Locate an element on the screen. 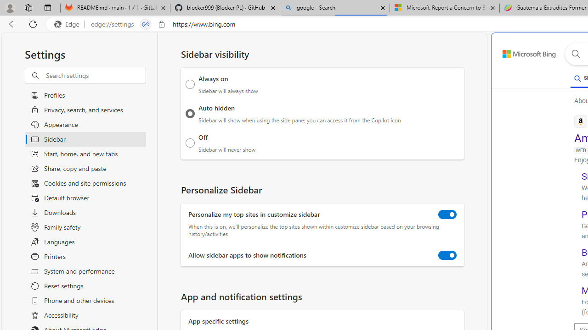 This screenshot has width=588, height=330. 'google - Search' is located at coordinates (334, 8).